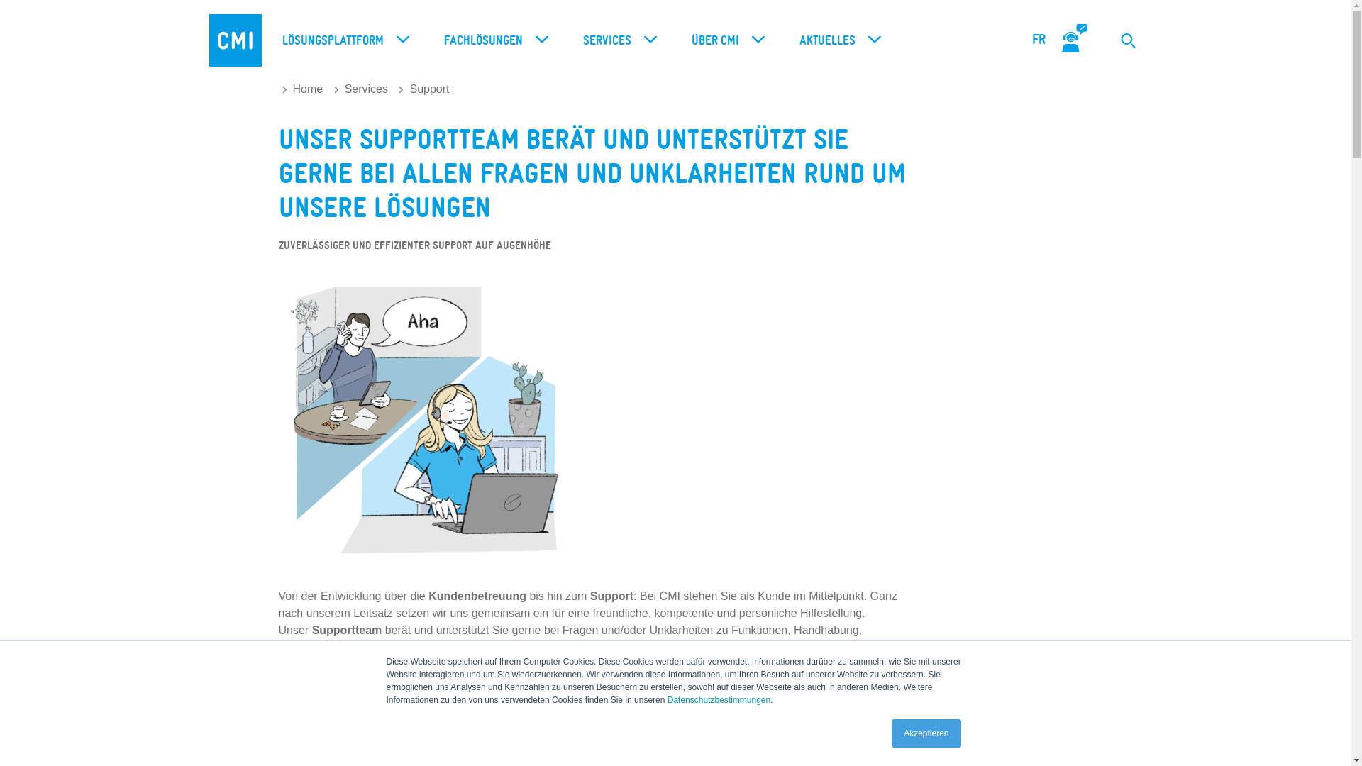 This screenshot has height=766, width=1362. I want to click on 'AKTUELLES', so click(836, 40).